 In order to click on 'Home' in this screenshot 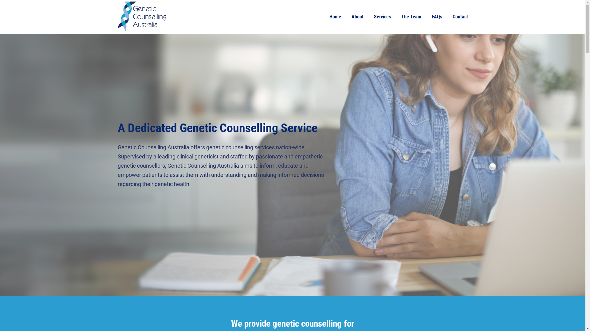, I will do `click(154, 16)`.